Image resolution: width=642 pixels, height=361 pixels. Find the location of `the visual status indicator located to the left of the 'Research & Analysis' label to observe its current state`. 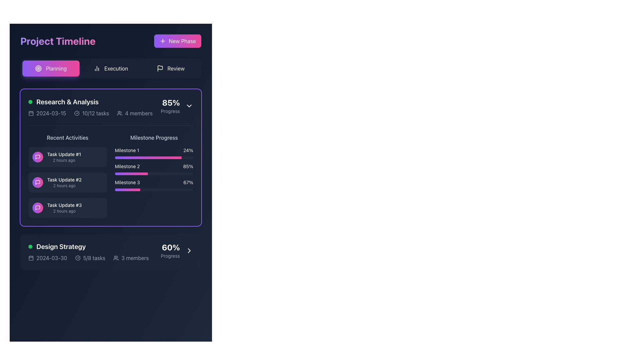

the visual status indicator located to the left of the 'Research & Analysis' label to observe its current state is located at coordinates (30, 102).